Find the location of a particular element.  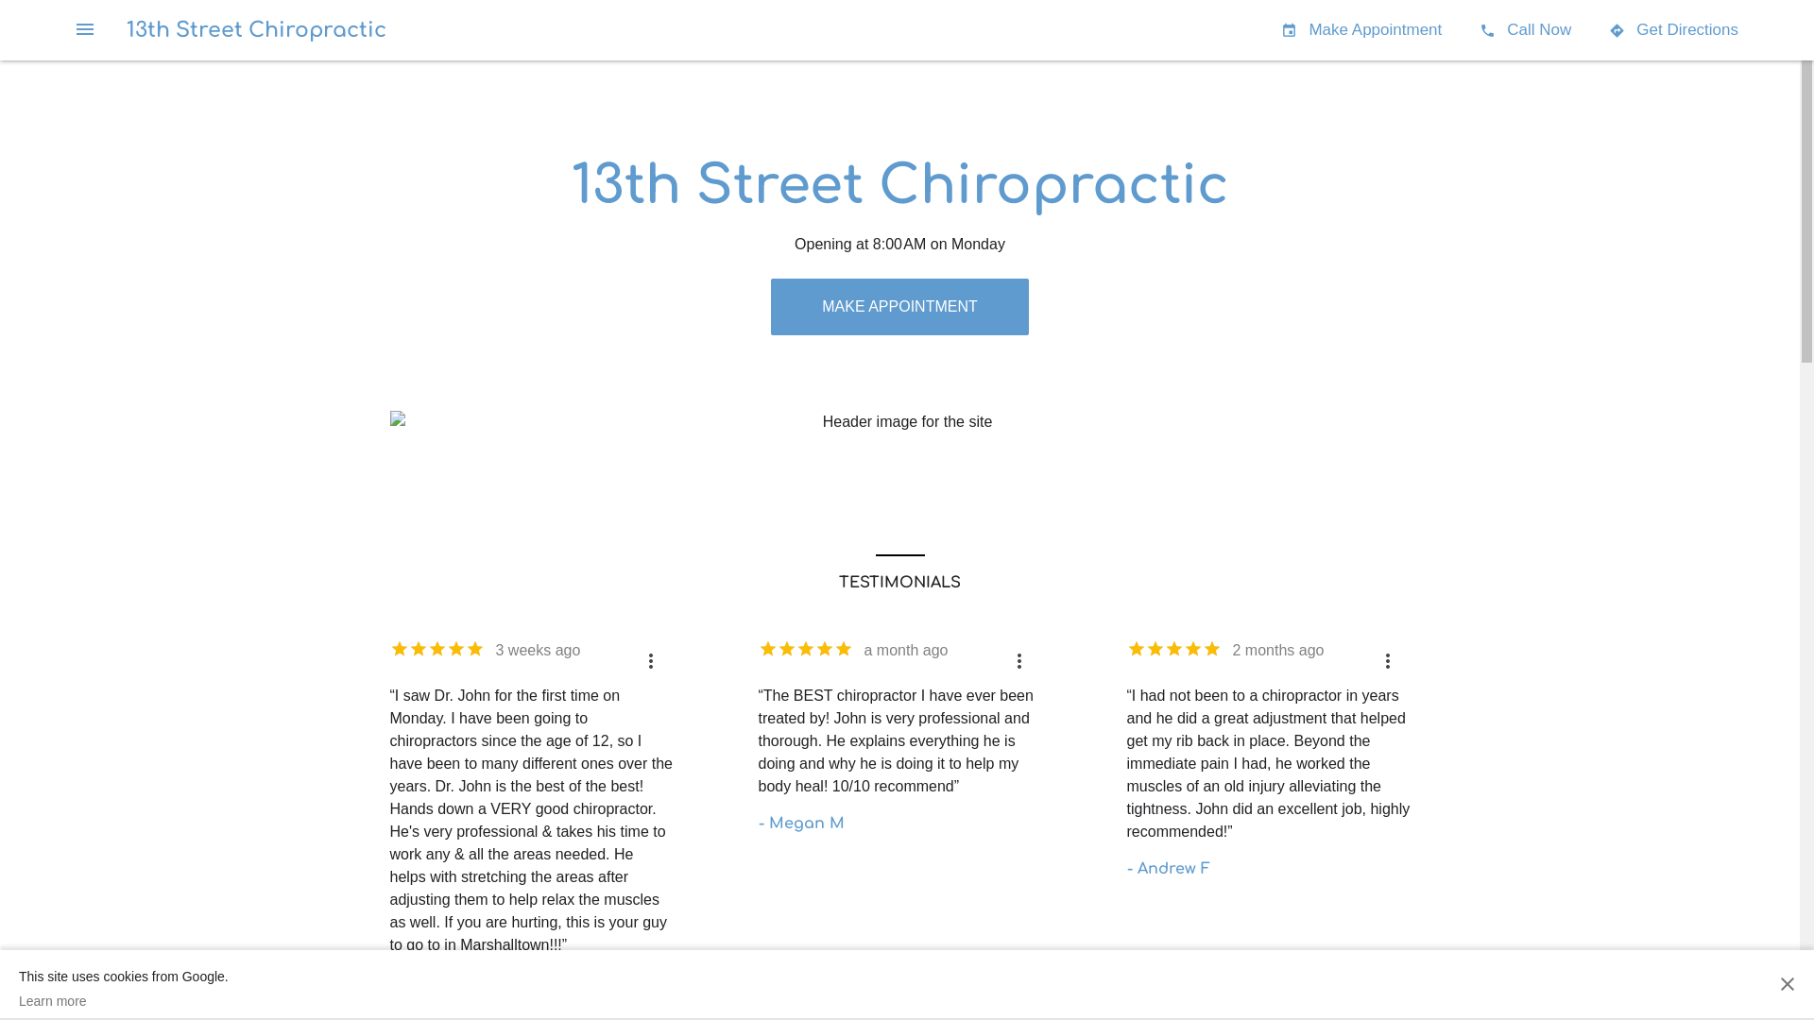

'13th Street Chiropractic' is located at coordinates (255, 29).